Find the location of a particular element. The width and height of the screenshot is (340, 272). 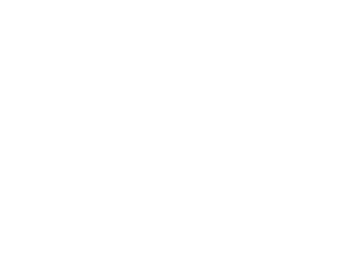

'About' is located at coordinates (254, 13).